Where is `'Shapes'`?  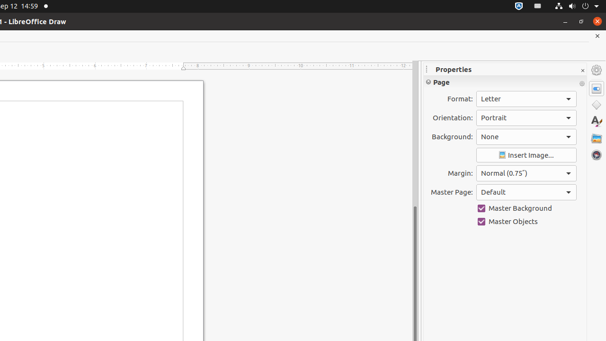
'Shapes' is located at coordinates (596, 105).